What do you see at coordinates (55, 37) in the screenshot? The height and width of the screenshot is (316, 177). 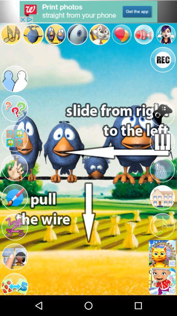 I see `the avatar icon` at bounding box center [55, 37].